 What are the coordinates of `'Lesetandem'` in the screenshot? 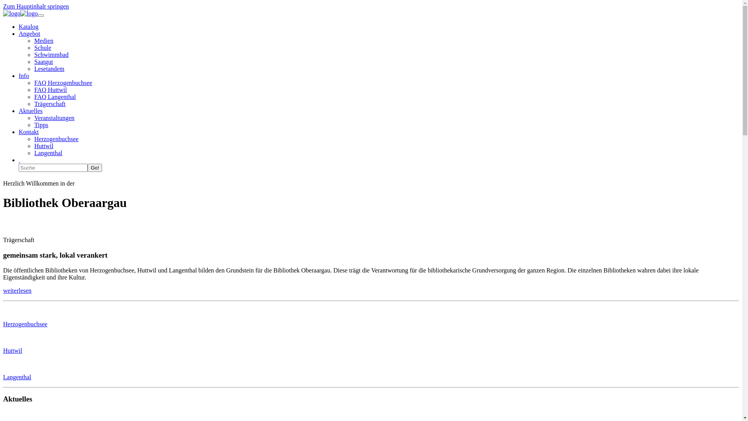 It's located at (49, 68).